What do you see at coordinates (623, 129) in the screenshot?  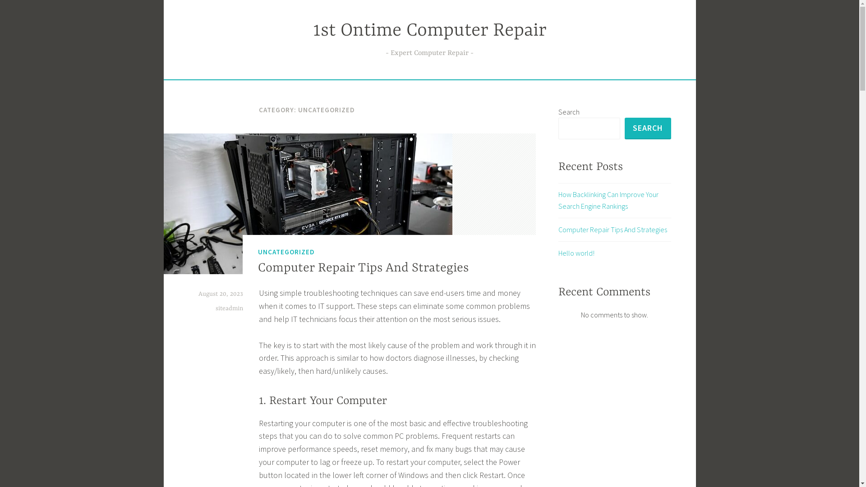 I see `'SEARCH'` at bounding box center [623, 129].